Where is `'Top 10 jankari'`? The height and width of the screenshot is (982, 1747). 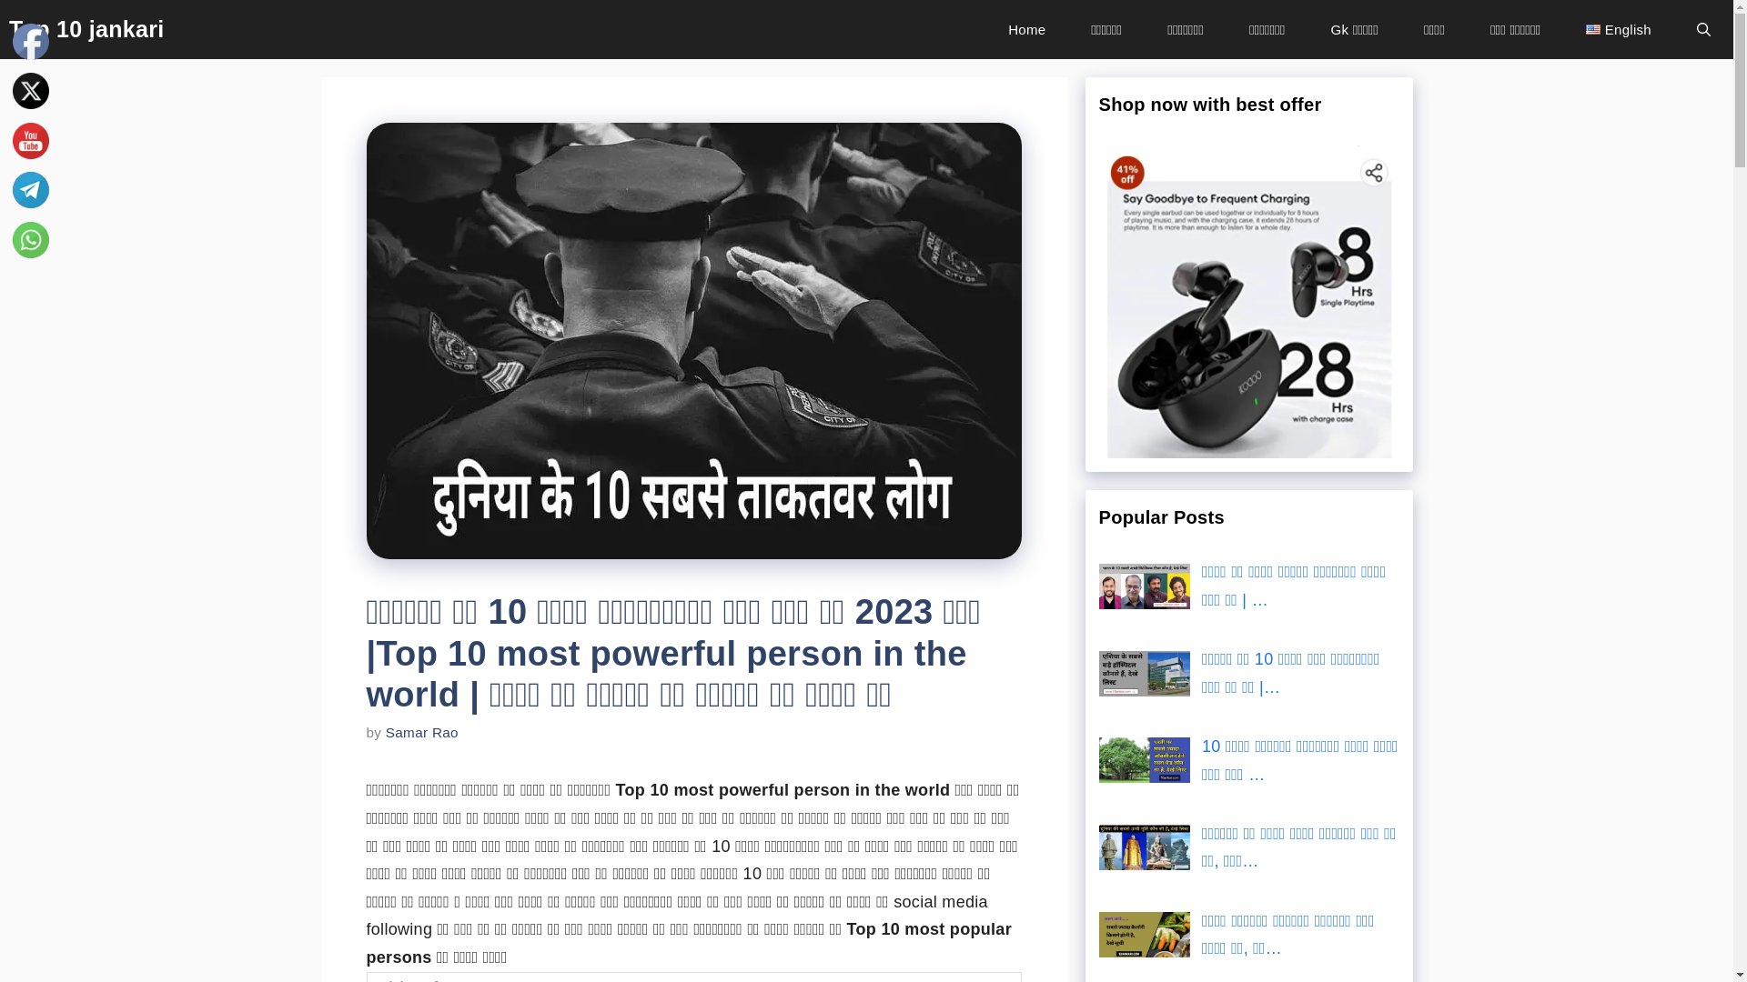 'Top 10 jankari' is located at coordinates (86, 29).